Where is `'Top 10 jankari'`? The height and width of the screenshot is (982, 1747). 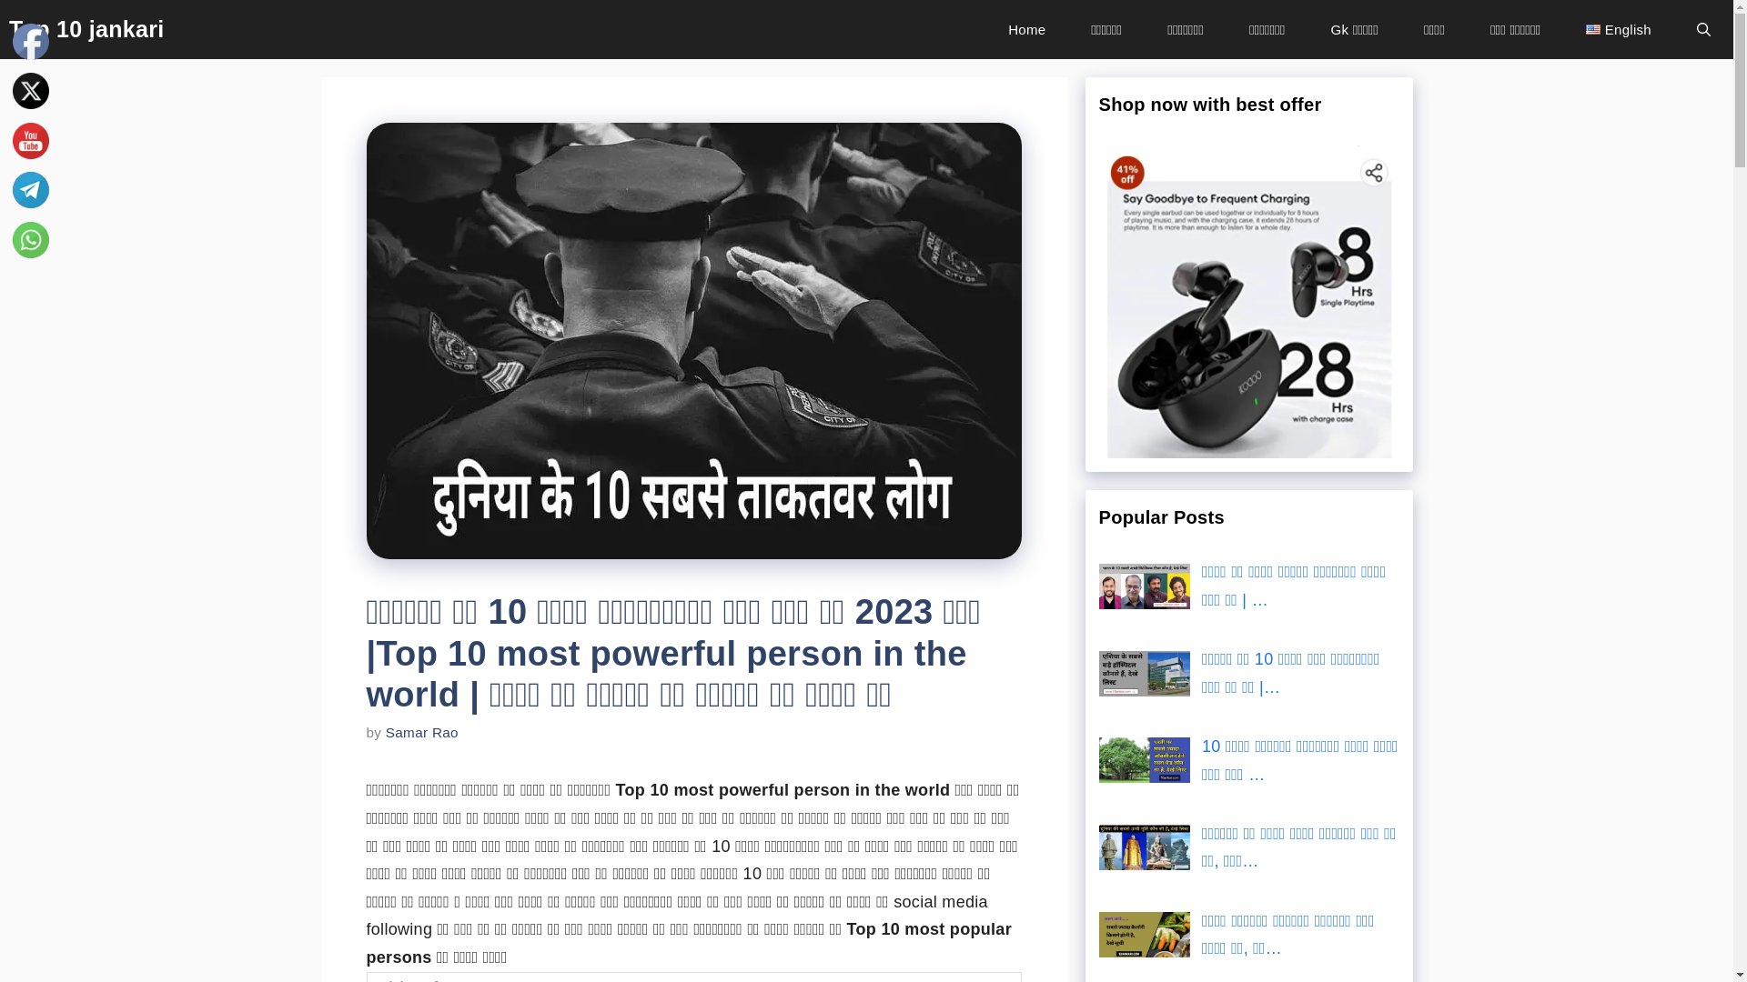 'Top 10 jankari' is located at coordinates (86, 29).